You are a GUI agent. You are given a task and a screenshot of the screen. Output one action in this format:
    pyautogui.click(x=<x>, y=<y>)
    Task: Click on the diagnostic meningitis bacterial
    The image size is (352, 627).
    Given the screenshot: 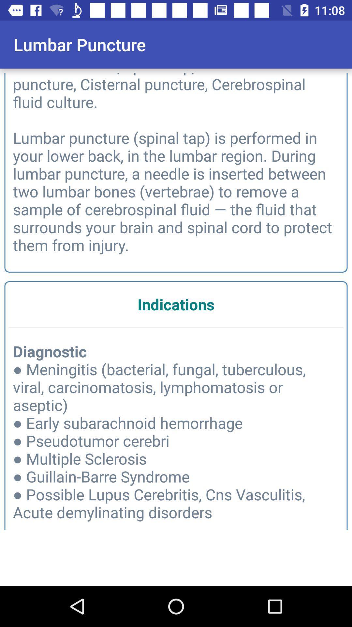 What is the action you would take?
    pyautogui.click(x=176, y=438)
    